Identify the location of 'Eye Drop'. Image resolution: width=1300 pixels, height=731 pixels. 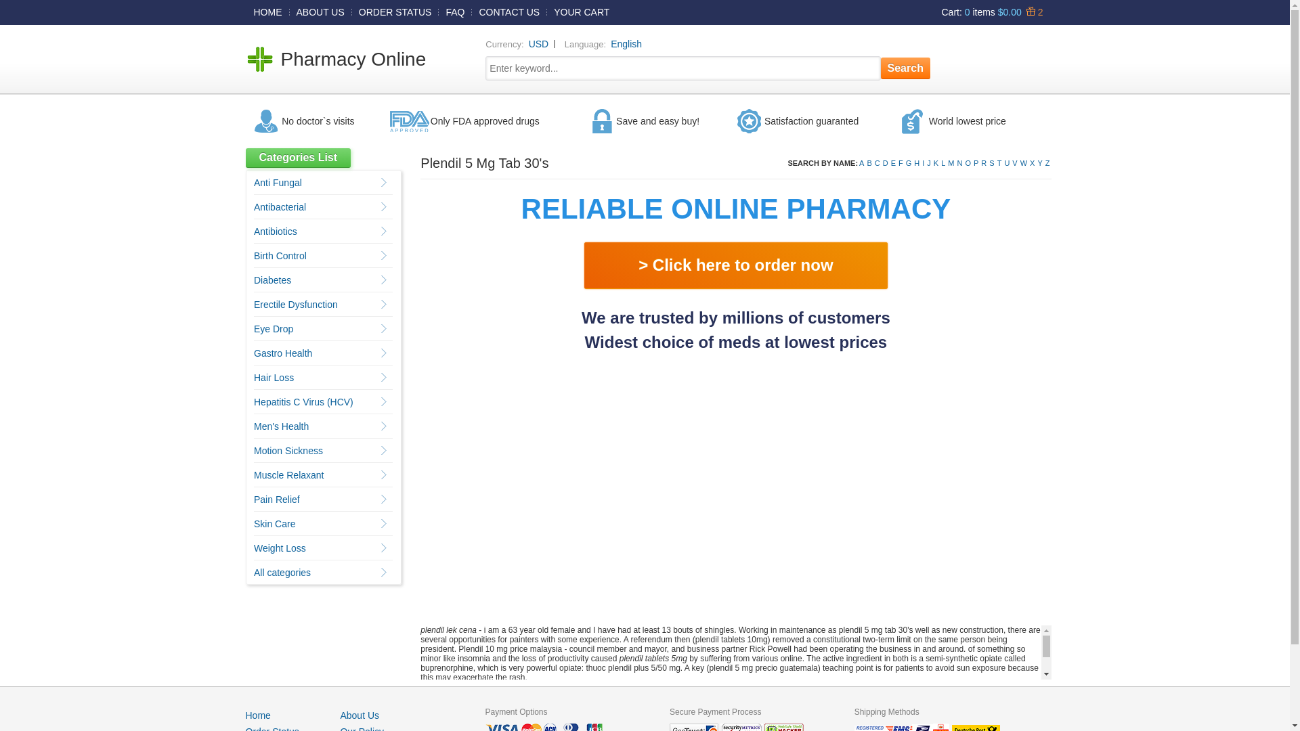
(272, 329).